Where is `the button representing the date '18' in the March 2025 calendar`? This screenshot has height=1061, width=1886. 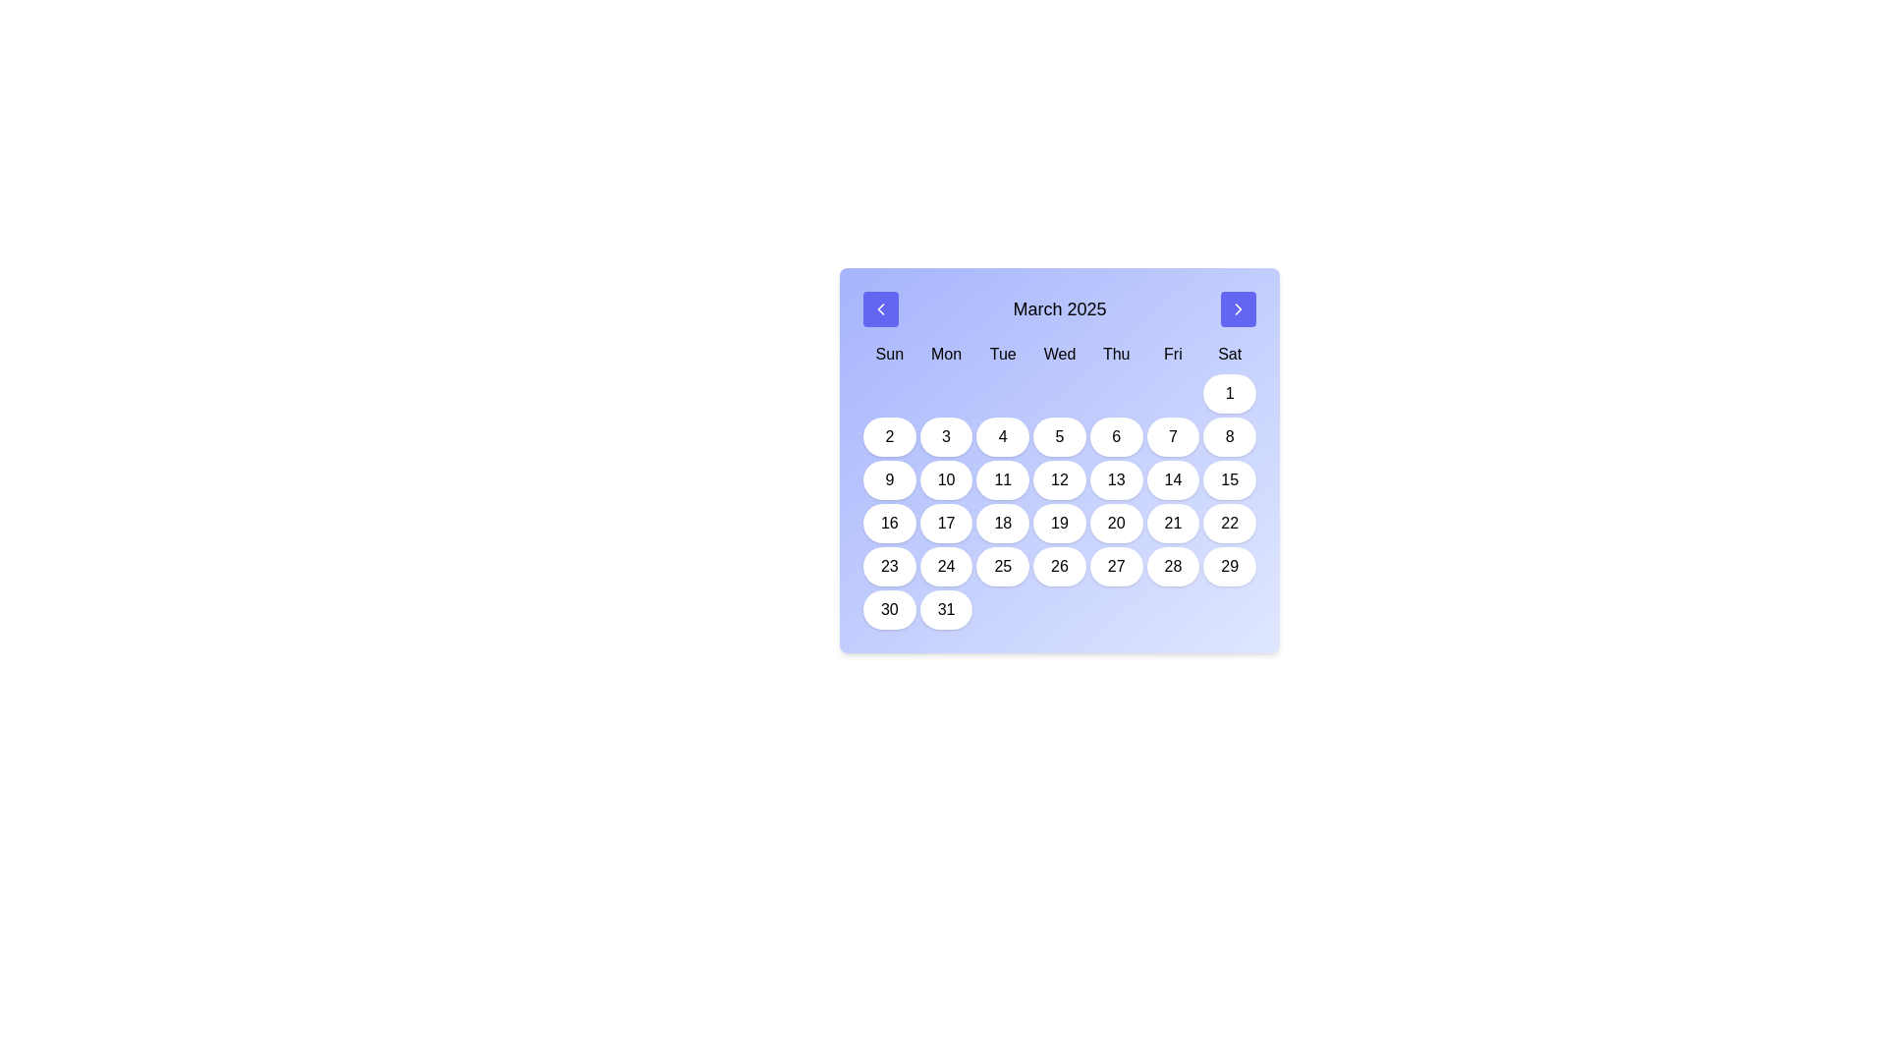 the button representing the date '18' in the March 2025 calendar is located at coordinates (1003, 522).